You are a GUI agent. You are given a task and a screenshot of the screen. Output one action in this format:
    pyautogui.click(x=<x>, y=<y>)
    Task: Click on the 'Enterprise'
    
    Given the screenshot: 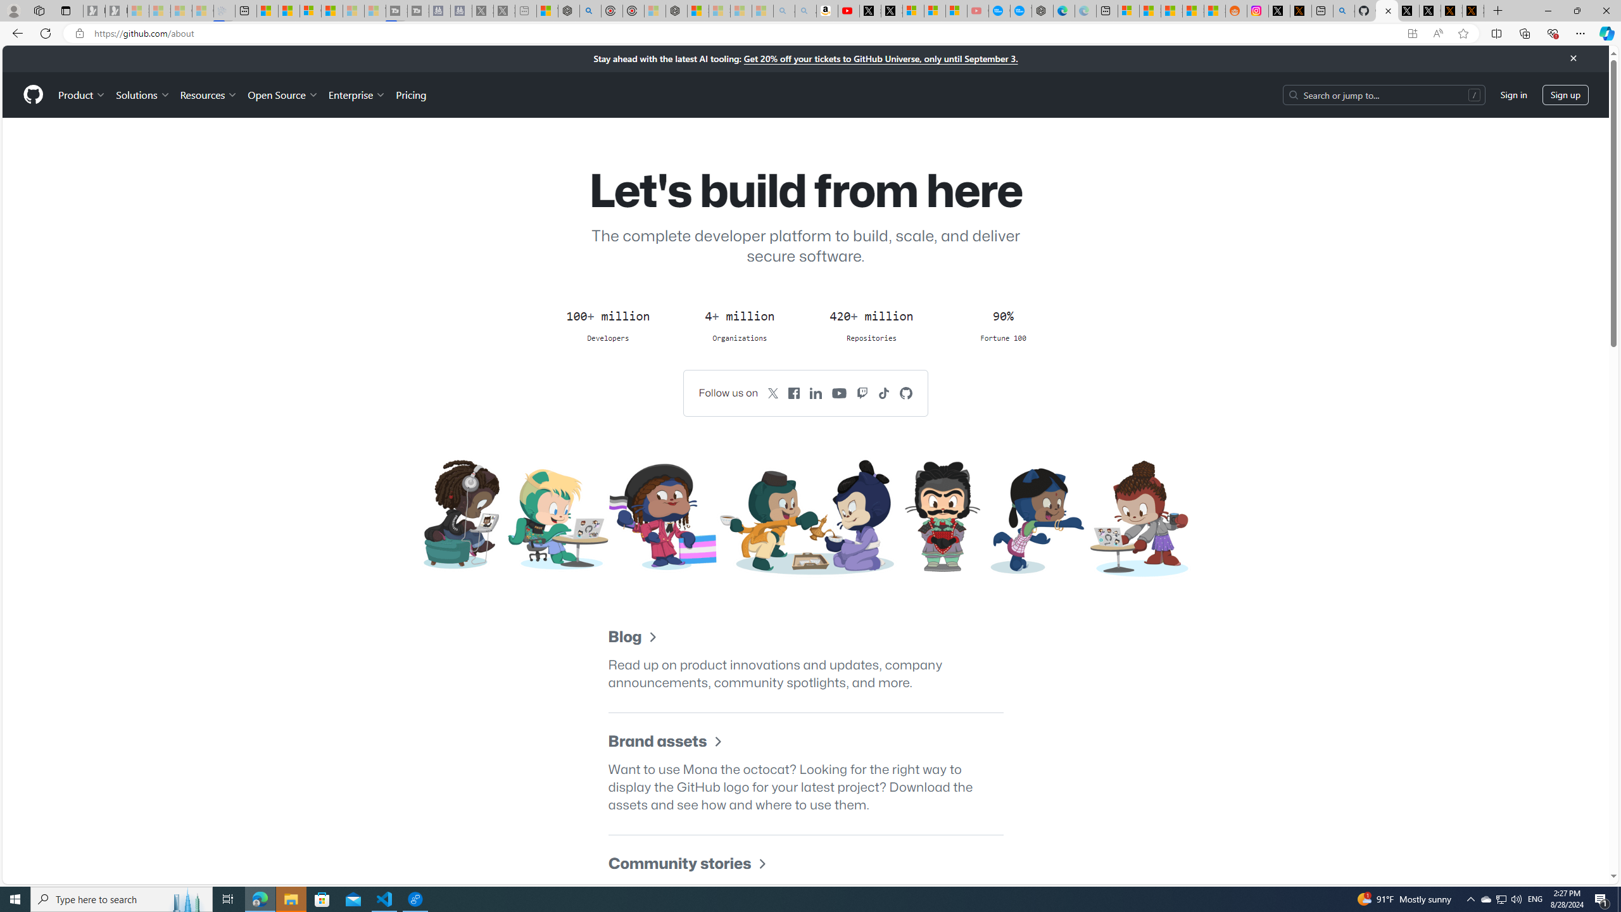 What is the action you would take?
    pyautogui.click(x=356, y=94)
    